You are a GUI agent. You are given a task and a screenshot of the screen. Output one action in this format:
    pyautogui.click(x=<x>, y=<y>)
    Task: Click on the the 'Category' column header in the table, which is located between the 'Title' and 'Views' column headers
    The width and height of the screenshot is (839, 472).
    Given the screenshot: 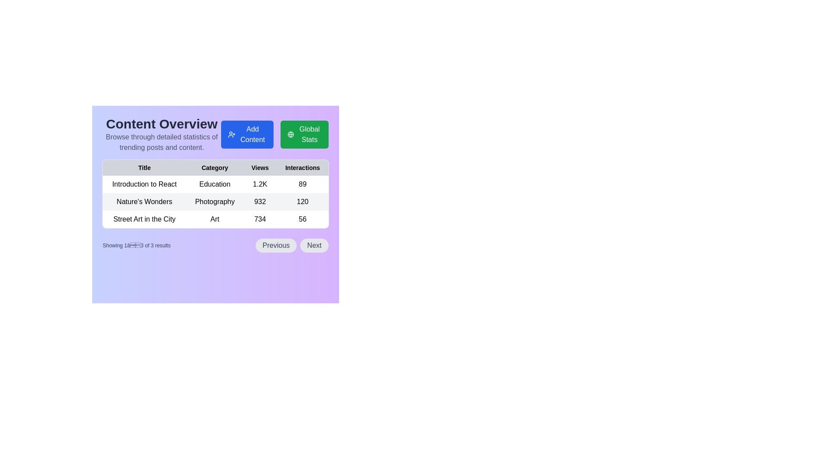 What is the action you would take?
    pyautogui.click(x=215, y=168)
    